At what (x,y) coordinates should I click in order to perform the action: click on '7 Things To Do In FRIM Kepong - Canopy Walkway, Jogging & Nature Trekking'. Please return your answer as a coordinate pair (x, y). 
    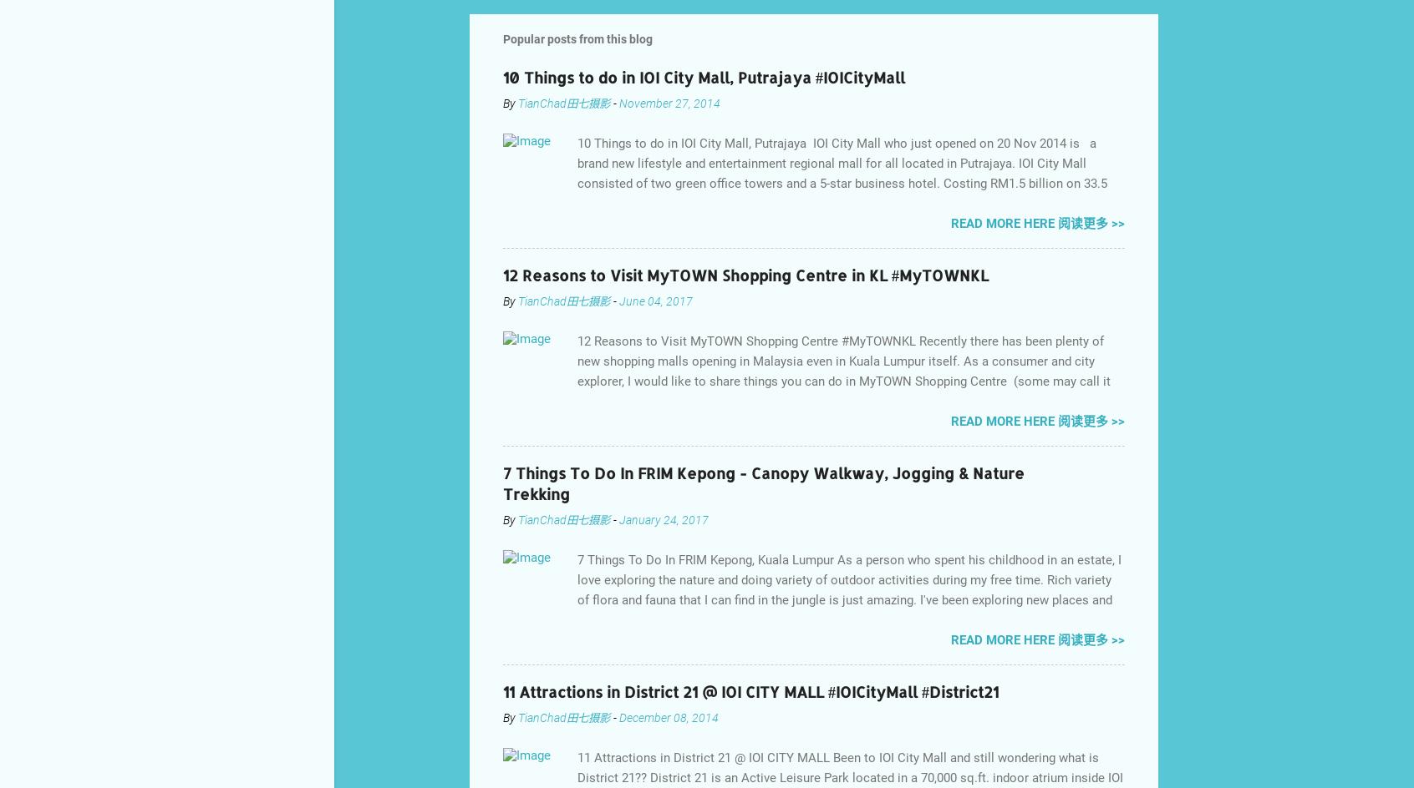
    Looking at the image, I should click on (502, 482).